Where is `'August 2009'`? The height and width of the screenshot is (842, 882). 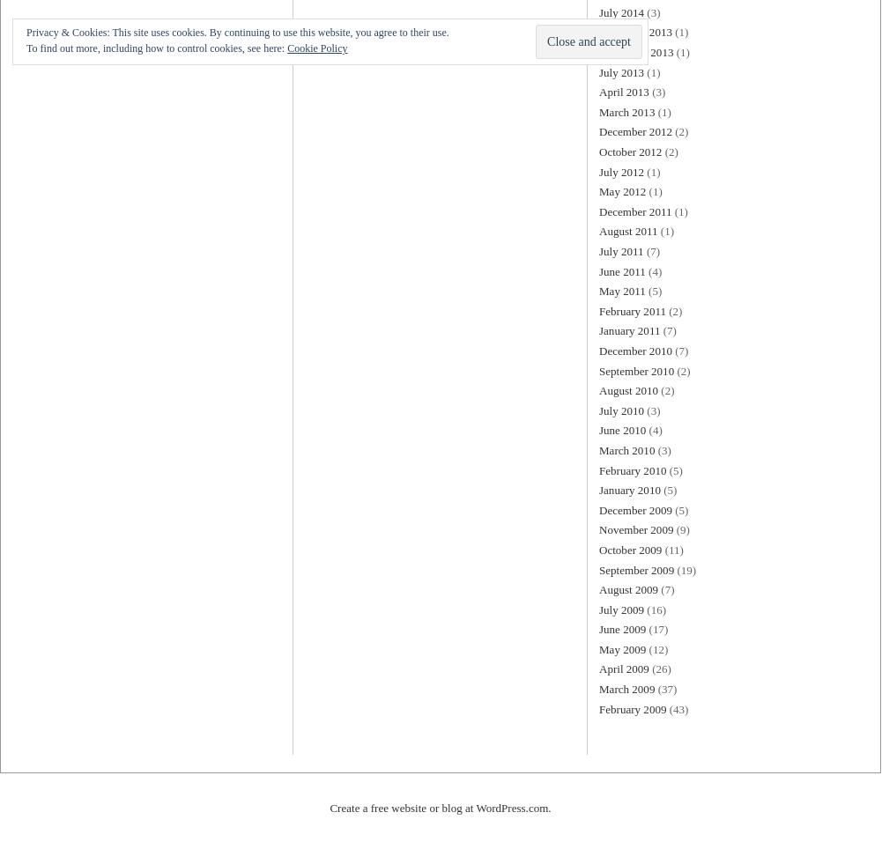 'August 2009' is located at coordinates (627, 589).